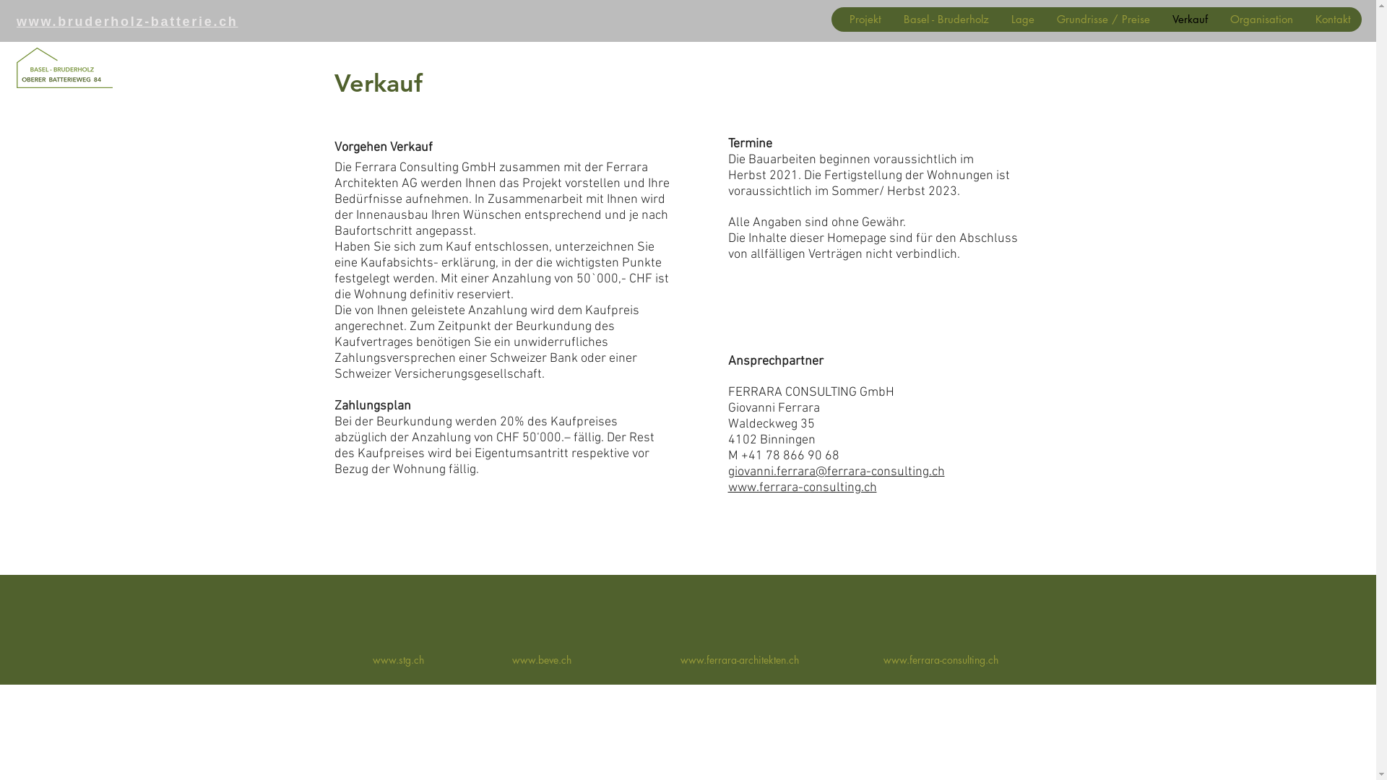 The image size is (1387, 780). What do you see at coordinates (739, 660) in the screenshot?
I see `'www.ferrara-architekten.ch'` at bounding box center [739, 660].